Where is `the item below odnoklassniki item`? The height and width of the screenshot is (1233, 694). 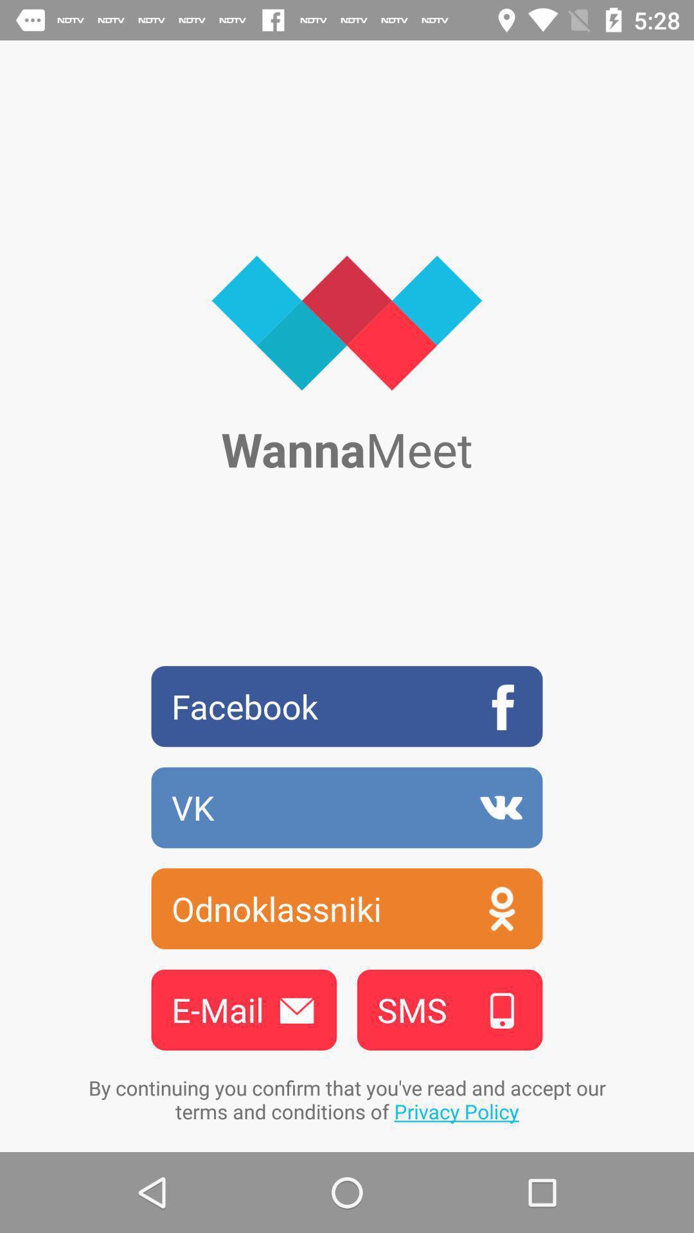 the item below odnoklassniki item is located at coordinates (244, 1009).